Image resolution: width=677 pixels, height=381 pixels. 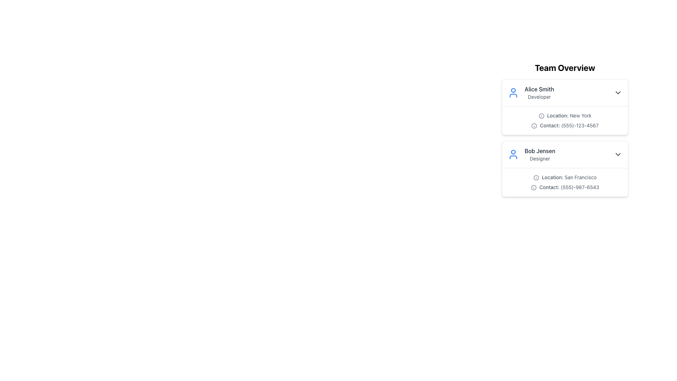 I want to click on the 'Contact:' label with icon displaying the contact number '(555)-123-4567', located in the second row of the 'Team Overview' list, so click(x=565, y=125).